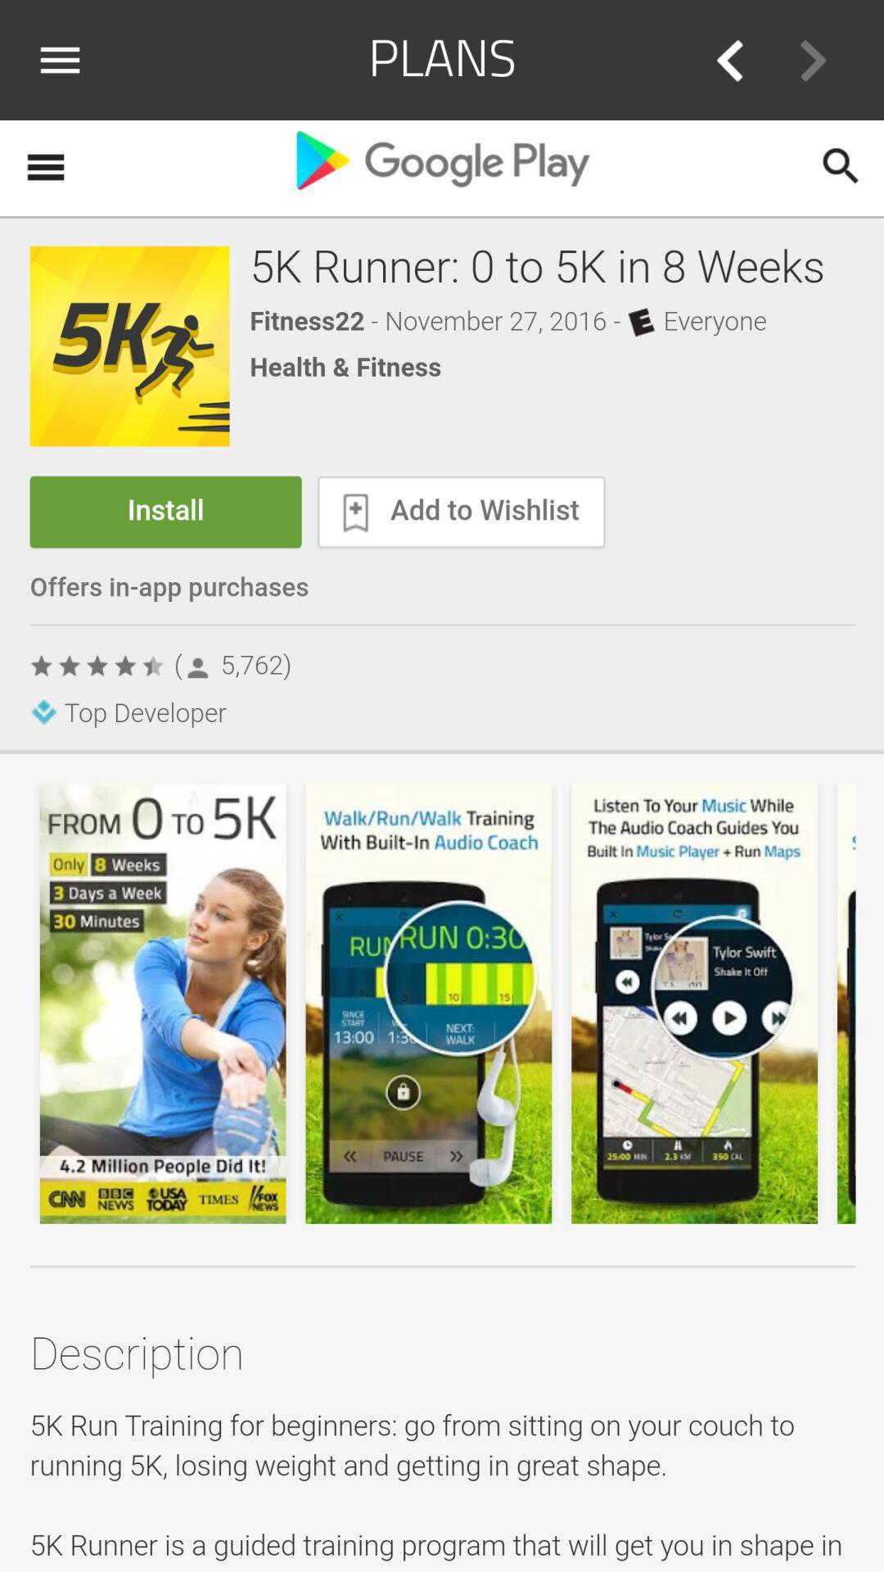  I want to click on go forward, so click(813, 60).